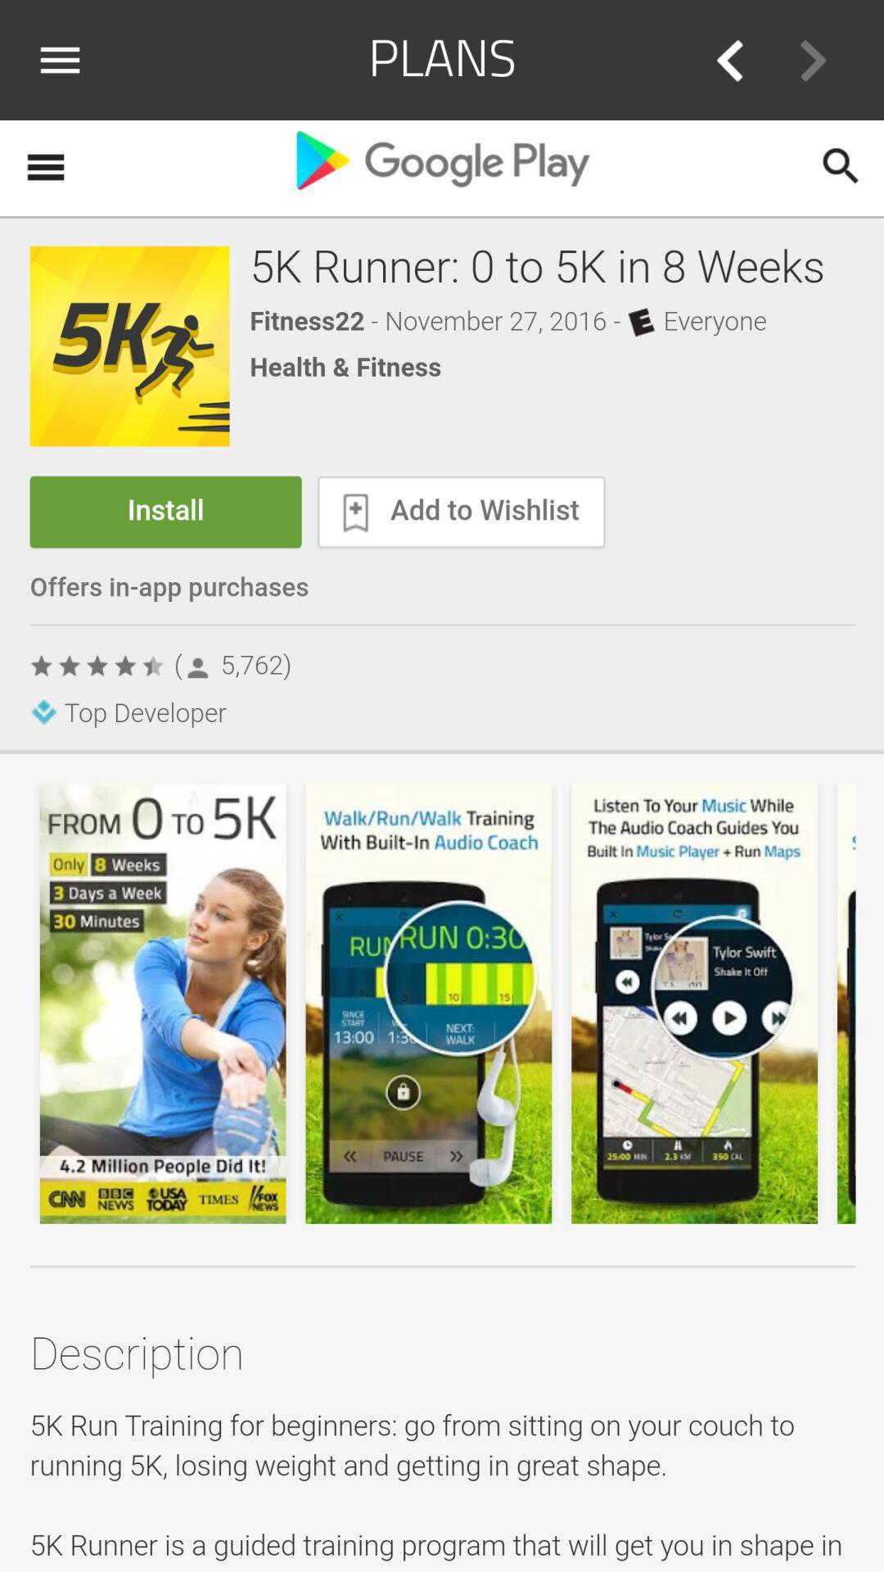  I want to click on go forward, so click(813, 60).